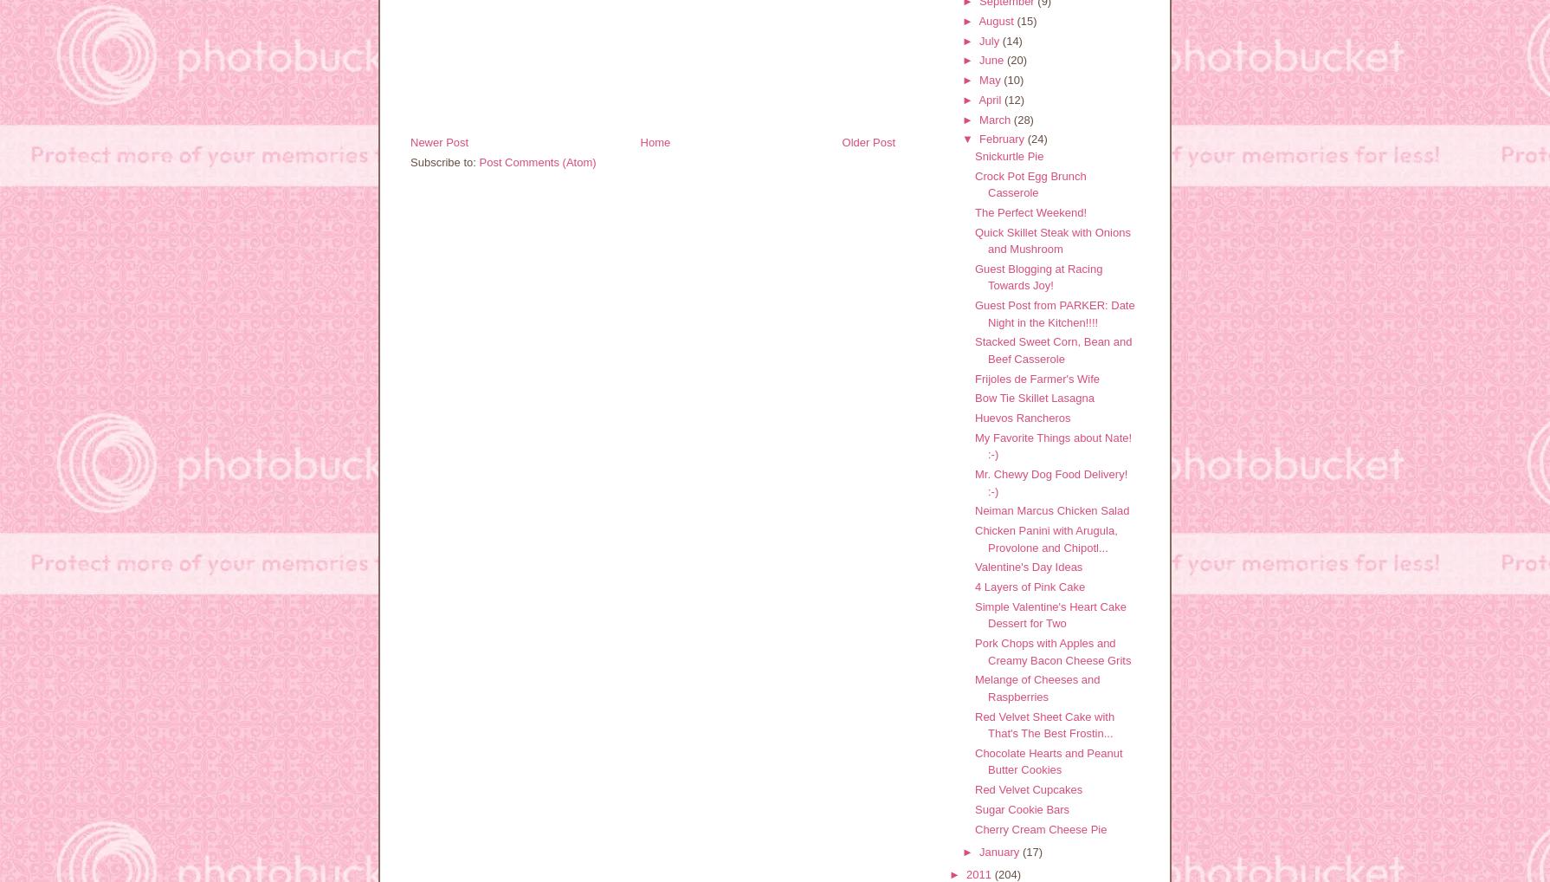 The width and height of the screenshot is (1550, 882). Describe the element at coordinates (638, 142) in the screenshot. I see `'Home'` at that location.